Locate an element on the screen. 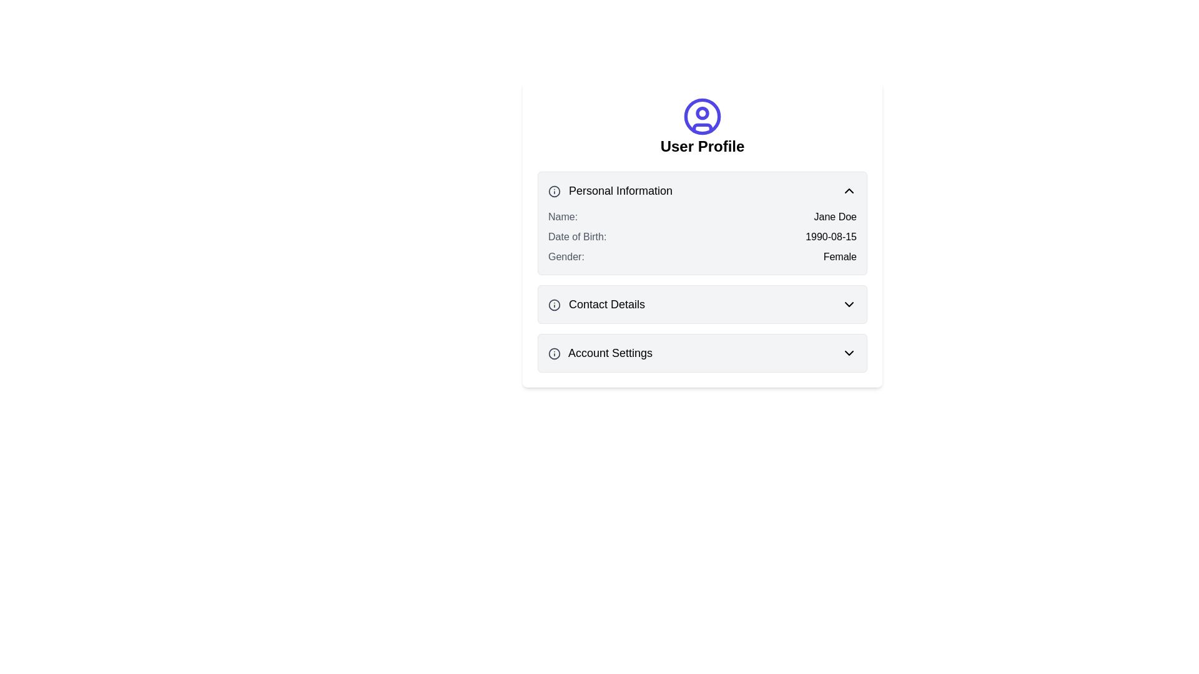 The width and height of the screenshot is (1199, 674). details displayed in the Static display field group under the 'Personal Information' section of the User Profile is located at coordinates (702, 237).